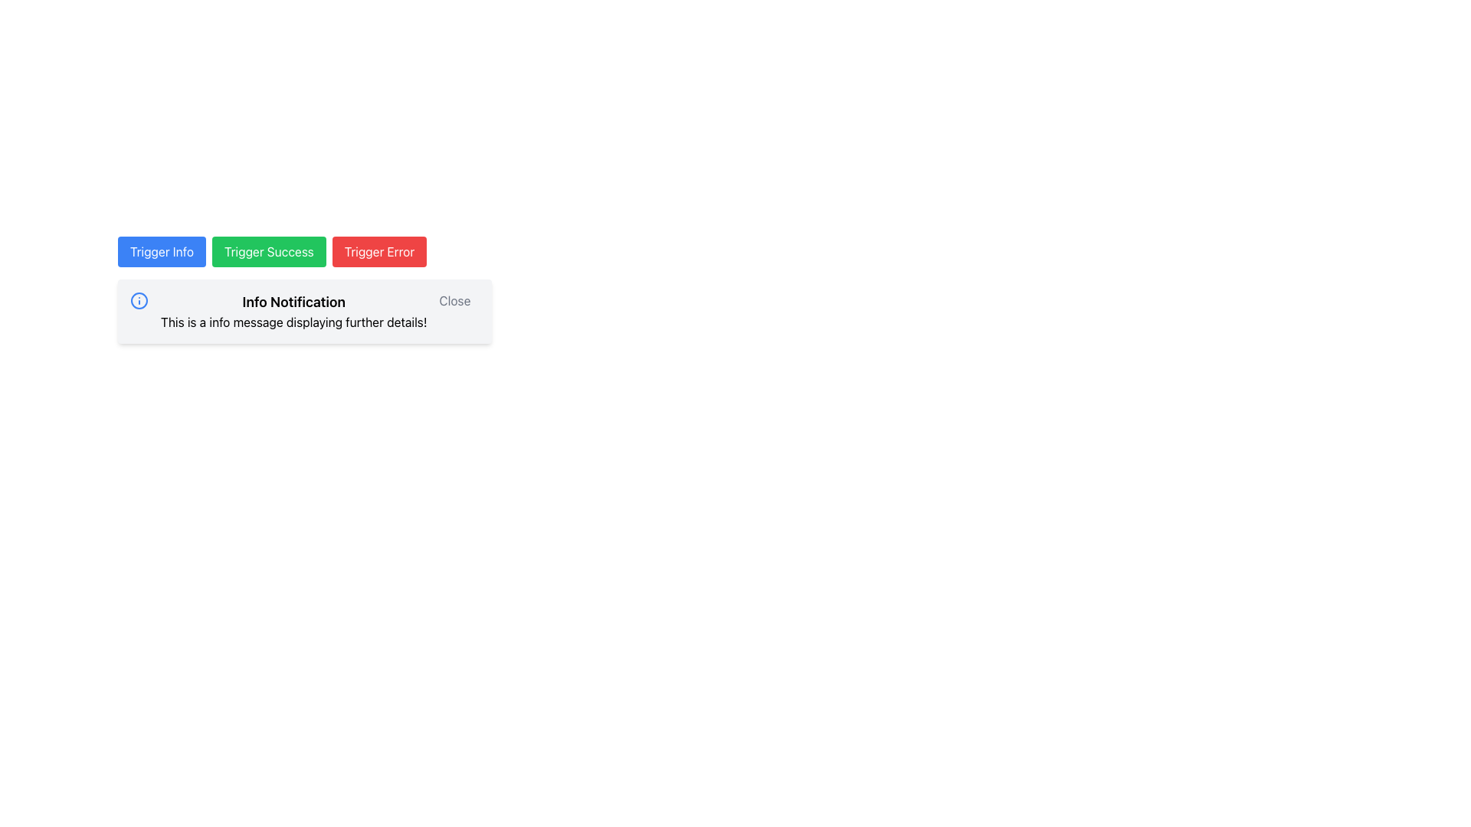 The height and width of the screenshot is (827, 1471). What do you see at coordinates (293, 302) in the screenshot?
I see `the 'Info Notification' text display element, which is a bold and larger-sized heading at the top of the notification block` at bounding box center [293, 302].